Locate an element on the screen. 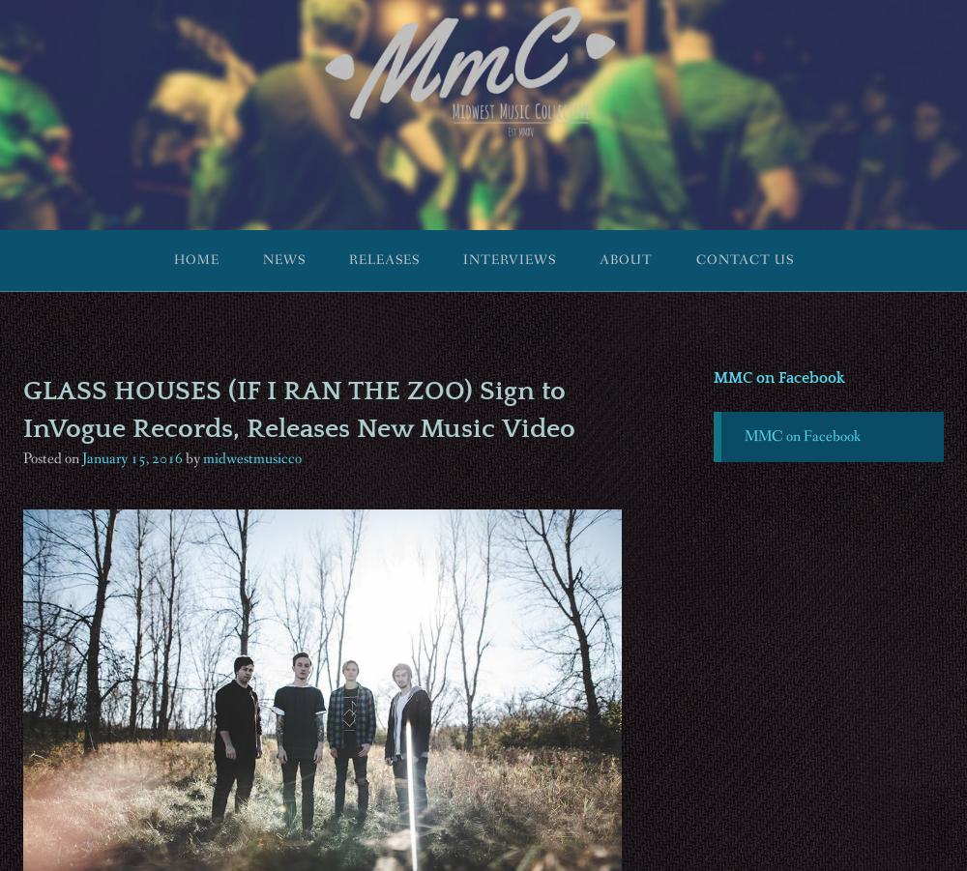 Image resolution: width=967 pixels, height=871 pixels. 'GLASS HOUSES (IF I RAN THE ZOO) Sign to InVogue Records, Releases New Music Video' is located at coordinates (299, 408).